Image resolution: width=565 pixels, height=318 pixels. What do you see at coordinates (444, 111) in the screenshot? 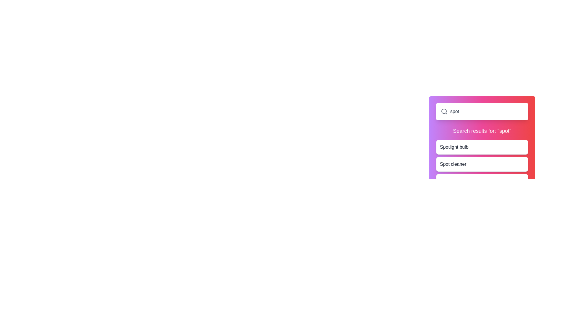
I see `the circular SVG element that represents the center of the magnifying glass icon, located to the left of the search bar text field` at bounding box center [444, 111].